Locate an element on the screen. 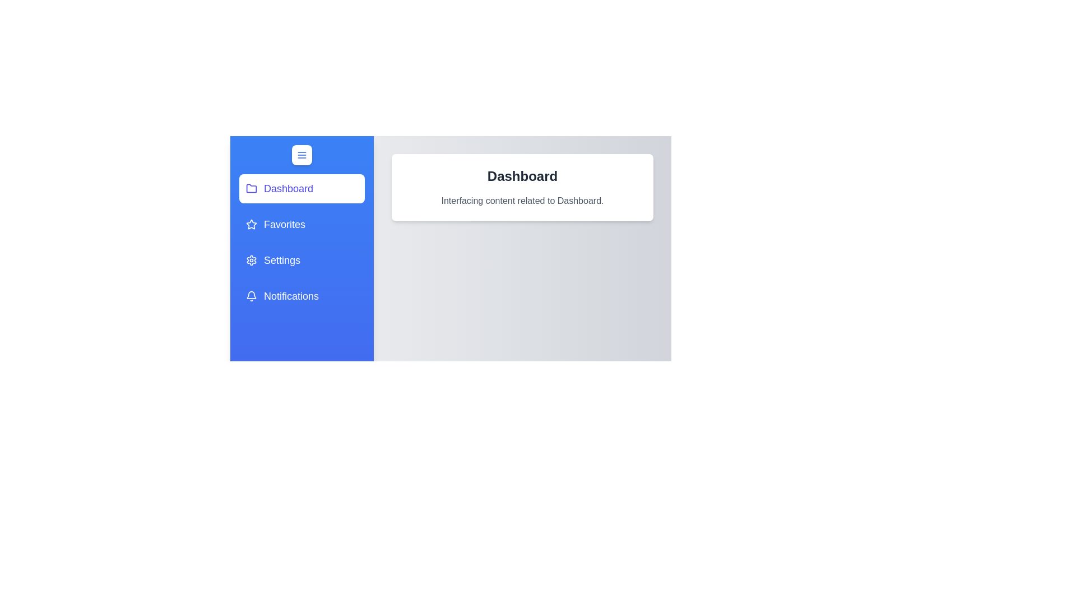 Image resolution: width=1076 pixels, height=605 pixels. the menu item Notifications from the drawer is located at coordinates (302, 295).